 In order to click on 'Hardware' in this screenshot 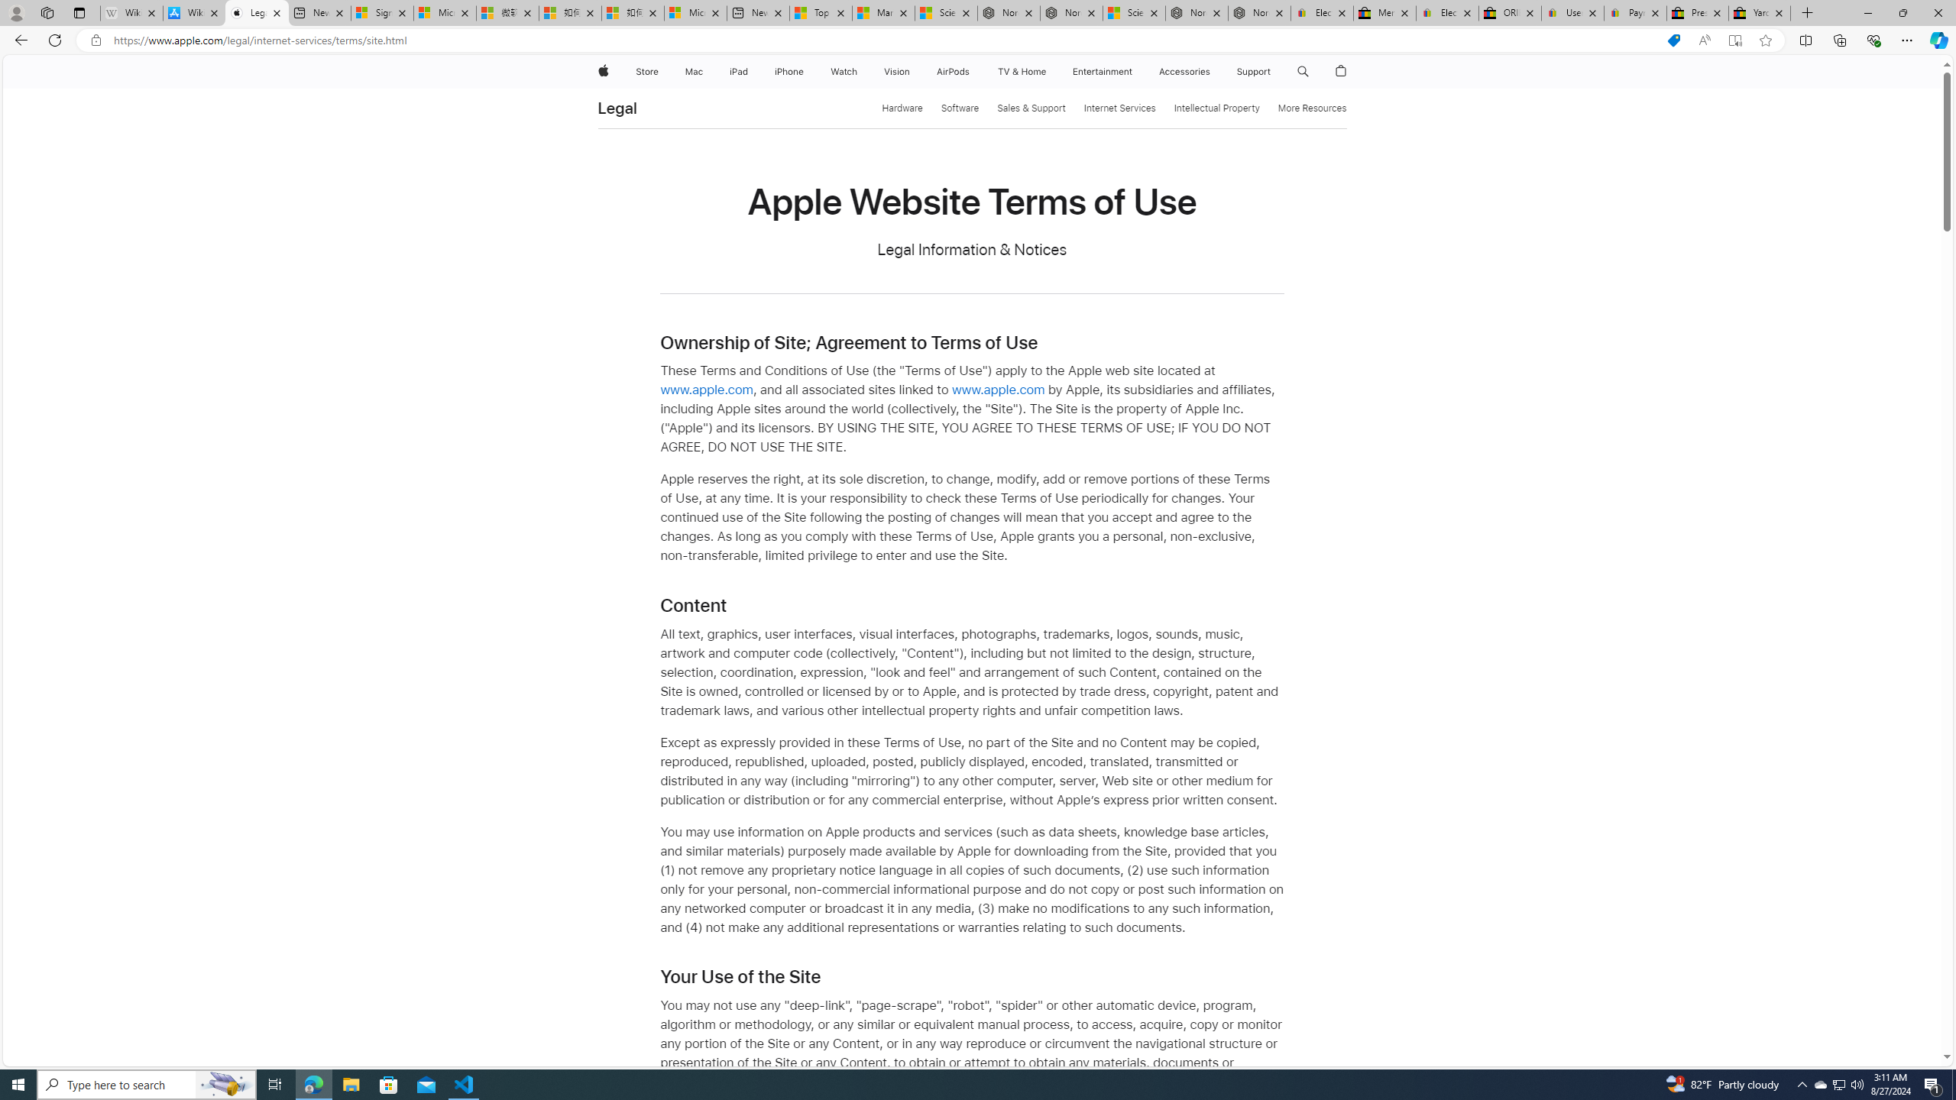, I will do `click(902, 108)`.